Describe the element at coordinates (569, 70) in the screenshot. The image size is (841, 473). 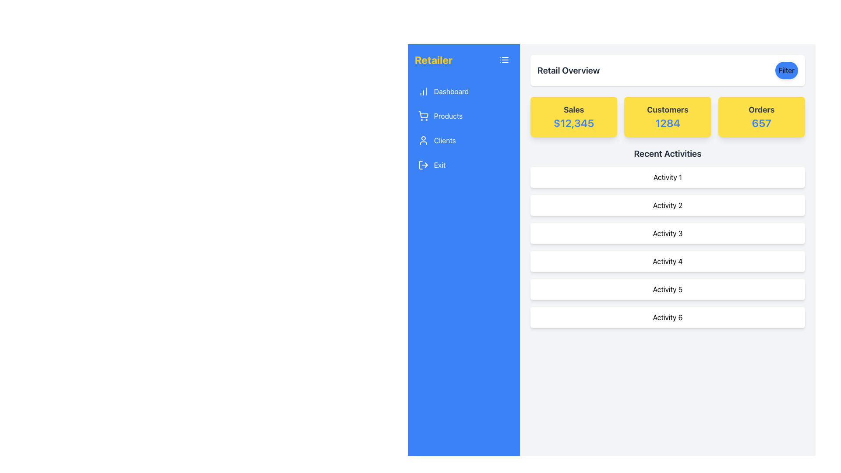
I see `text content of the section heading Text Label located at the top-left section of the main content area, slightly to the right and above the three yellow metric boxes` at that location.